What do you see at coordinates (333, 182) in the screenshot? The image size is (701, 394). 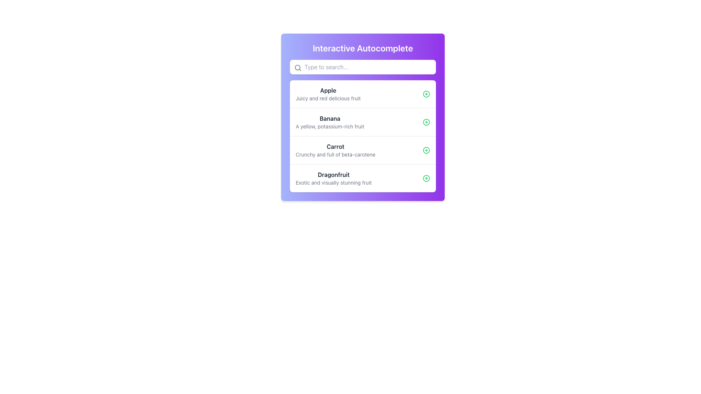 I see `the descriptive text label for the suggestion 'Dragonfruit' located in the fourth item of the vertically listed suggestion menu` at bounding box center [333, 182].